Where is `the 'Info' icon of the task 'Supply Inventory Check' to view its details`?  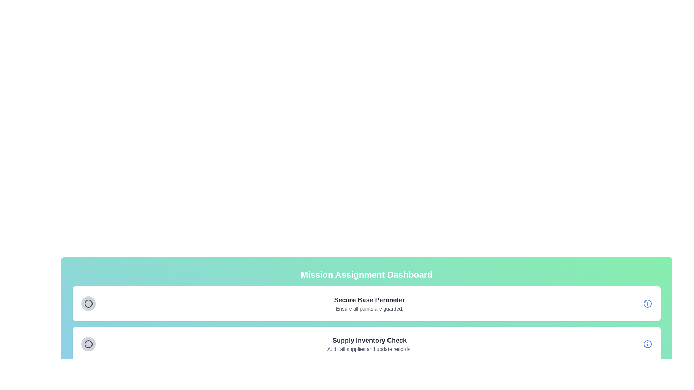
the 'Info' icon of the task 'Supply Inventory Check' to view its details is located at coordinates (647, 343).